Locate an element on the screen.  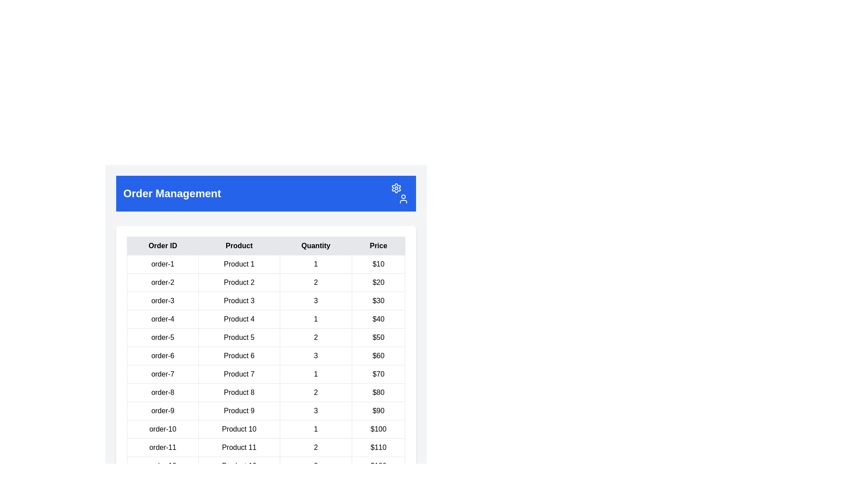
the Text Label displaying the name of a product associated with an order in the second column of the eleventh row of the Order Management table is located at coordinates (239, 448).